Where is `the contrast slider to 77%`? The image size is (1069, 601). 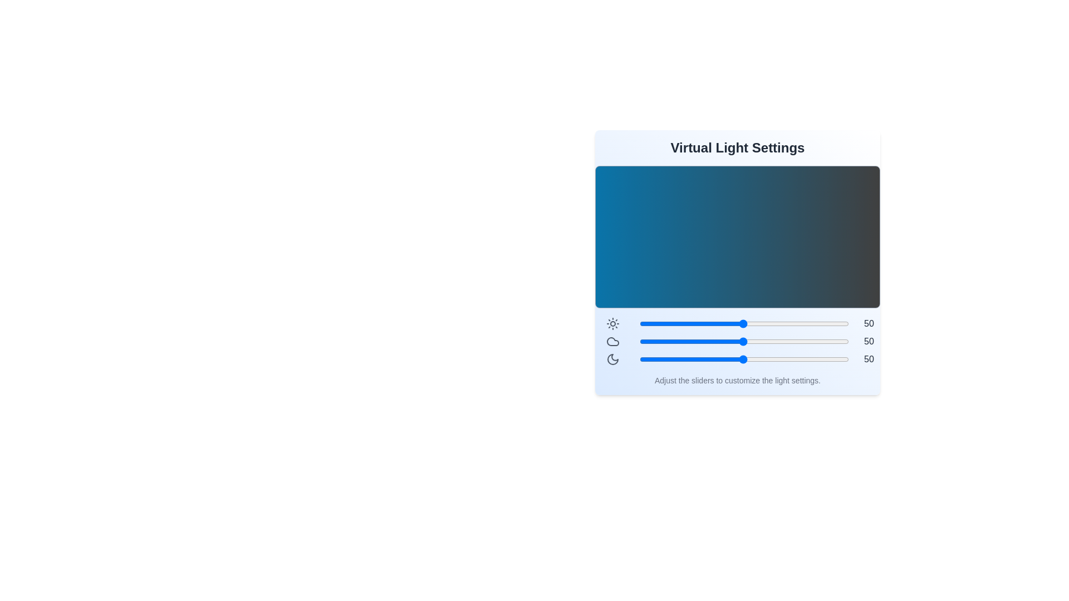
the contrast slider to 77% is located at coordinates (800, 324).